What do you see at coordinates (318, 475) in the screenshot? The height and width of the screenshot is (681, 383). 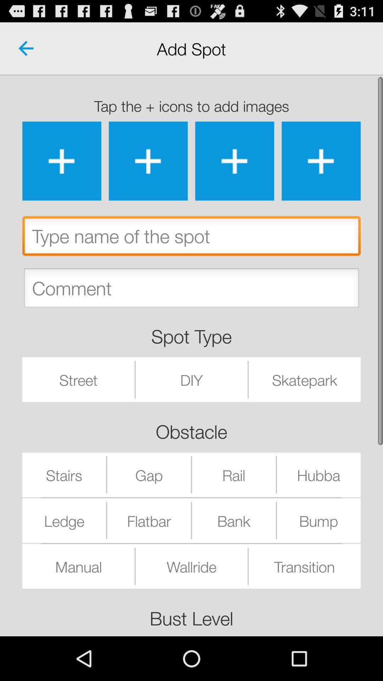 I see `the item below skatepark item` at bounding box center [318, 475].